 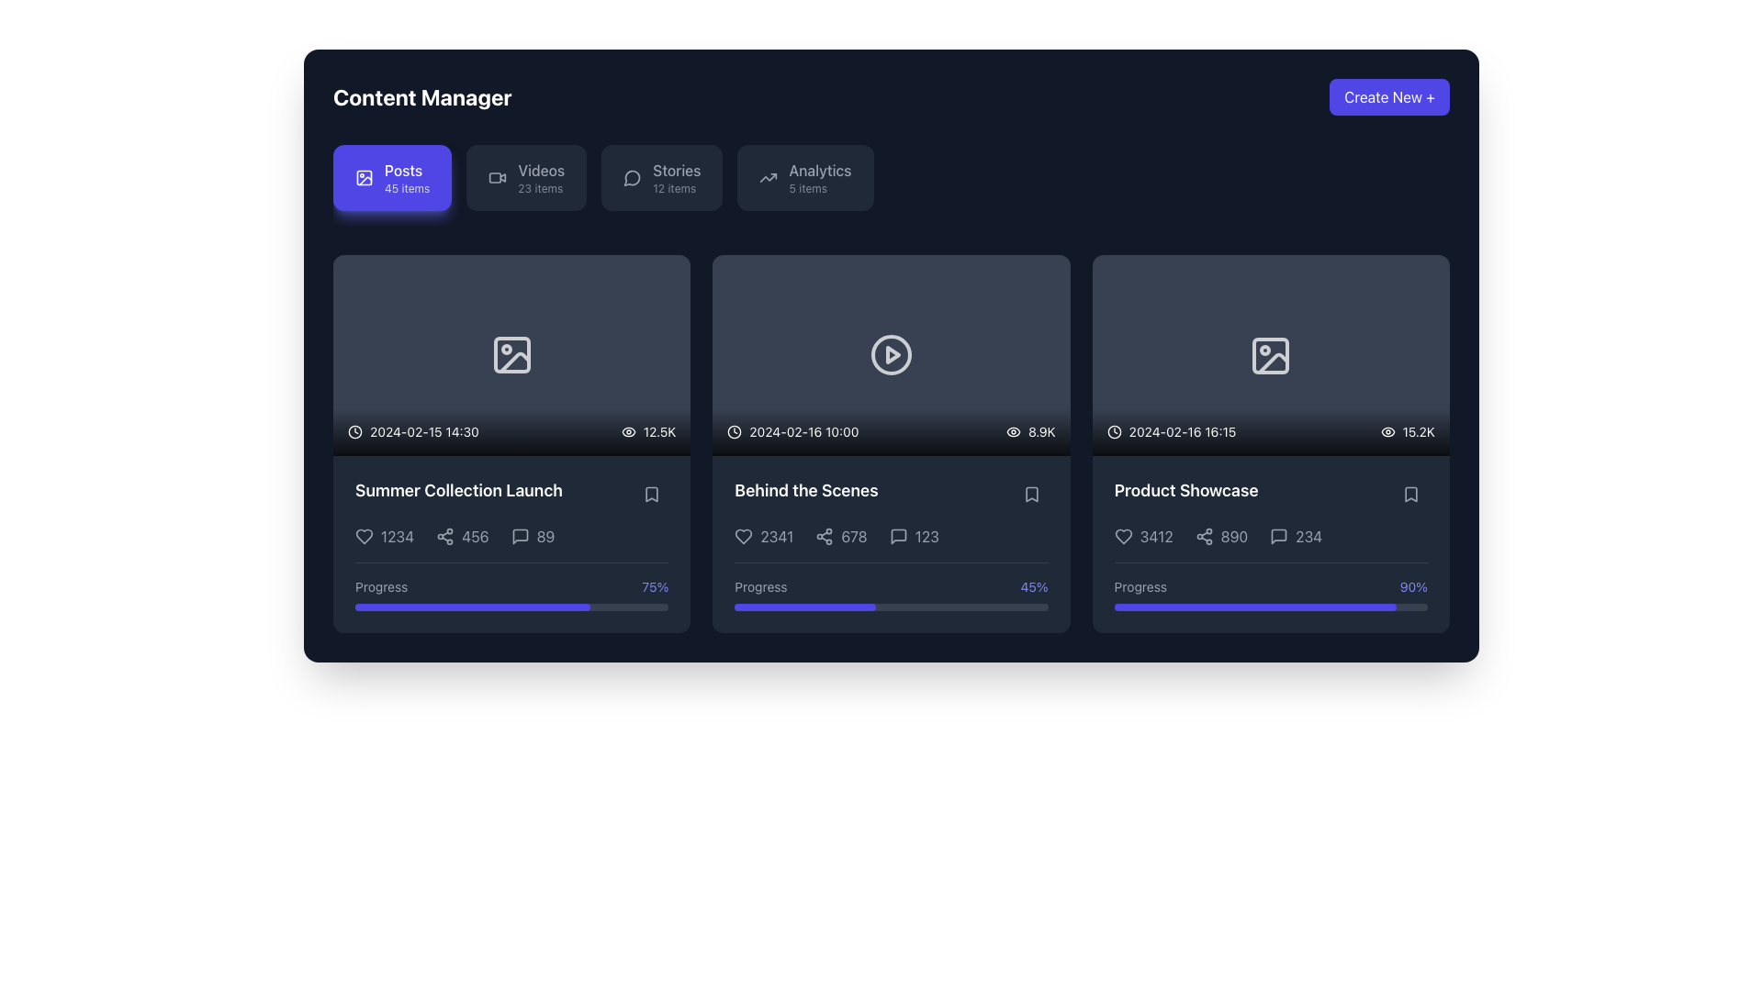 What do you see at coordinates (1409, 494) in the screenshot?
I see `the light gray outlined bookmark icon located in the upper-right corner of the 'Product Showcase' card` at bounding box center [1409, 494].